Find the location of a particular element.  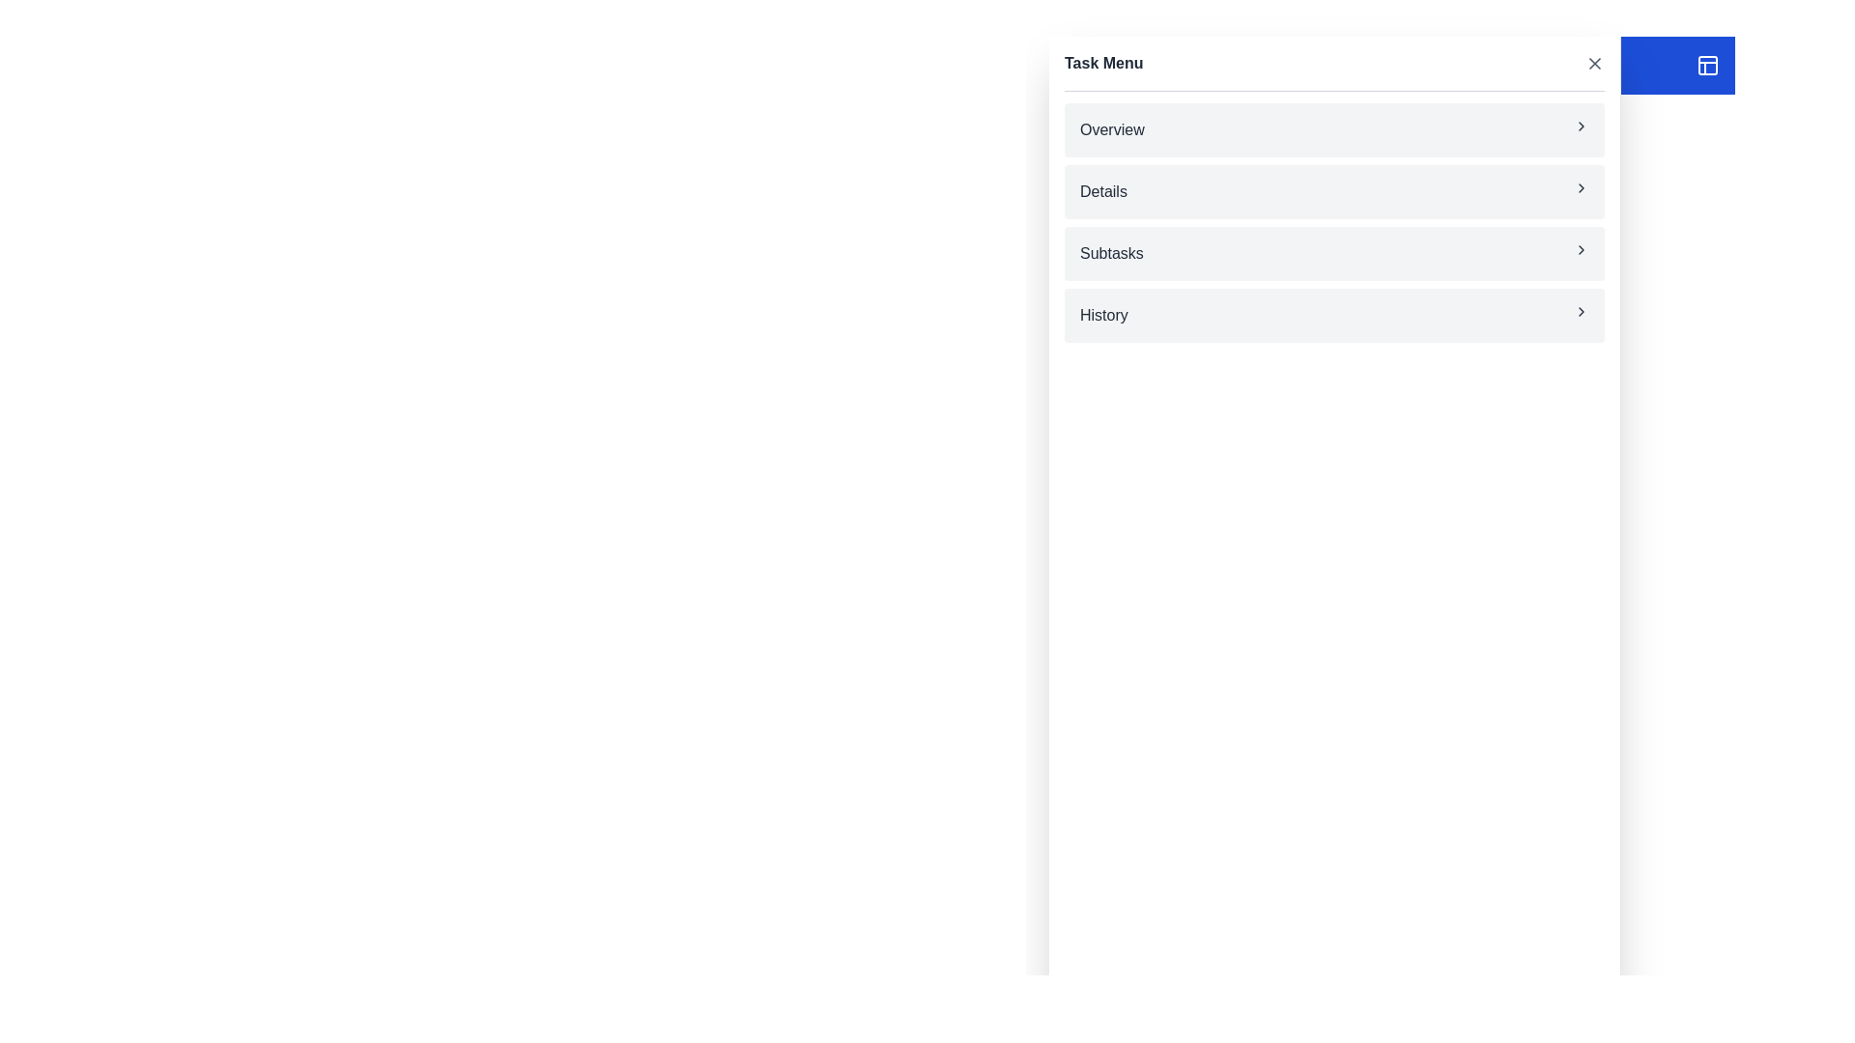

the 'History' text label, which is the fourth item in the 'Task Menu' is located at coordinates (1103, 315).